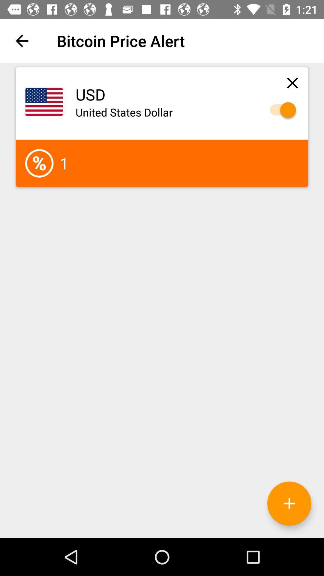 This screenshot has width=324, height=576. What do you see at coordinates (280, 110) in the screenshot?
I see `the icon to the right of the united states dollar item` at bounding box center [280, 110].